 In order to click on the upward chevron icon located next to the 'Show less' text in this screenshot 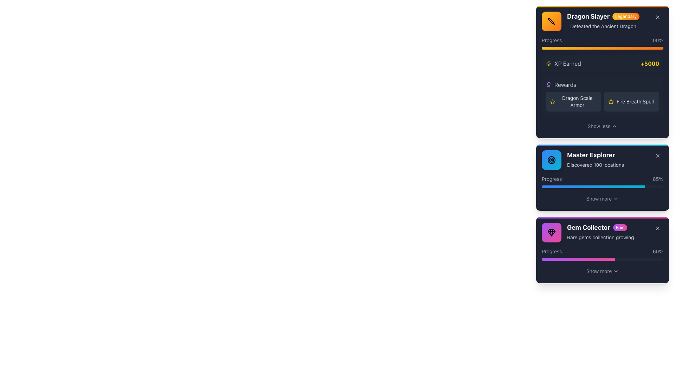, I will do `click(614, 126)`.